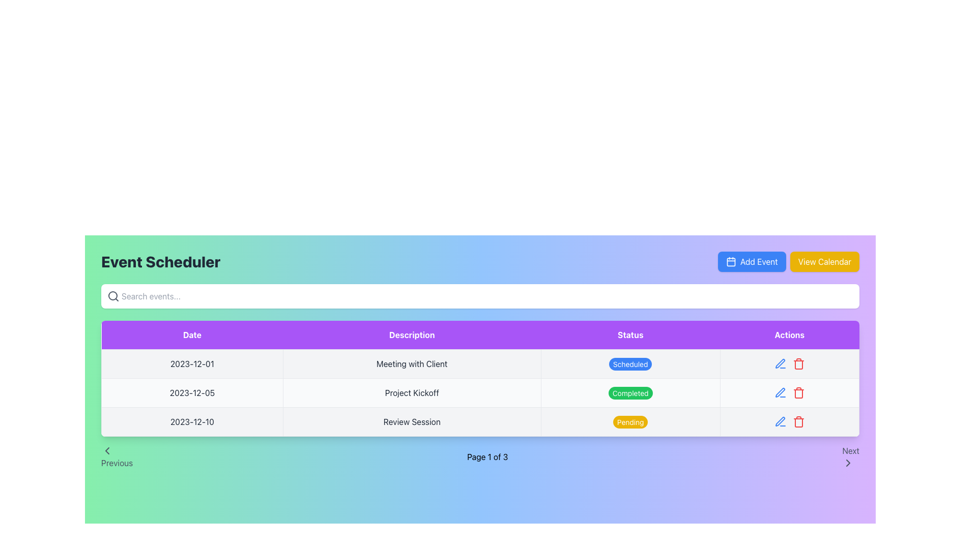  I want to click on the magnifying glass icon located on the left side of the search input field, so click(113, 296).